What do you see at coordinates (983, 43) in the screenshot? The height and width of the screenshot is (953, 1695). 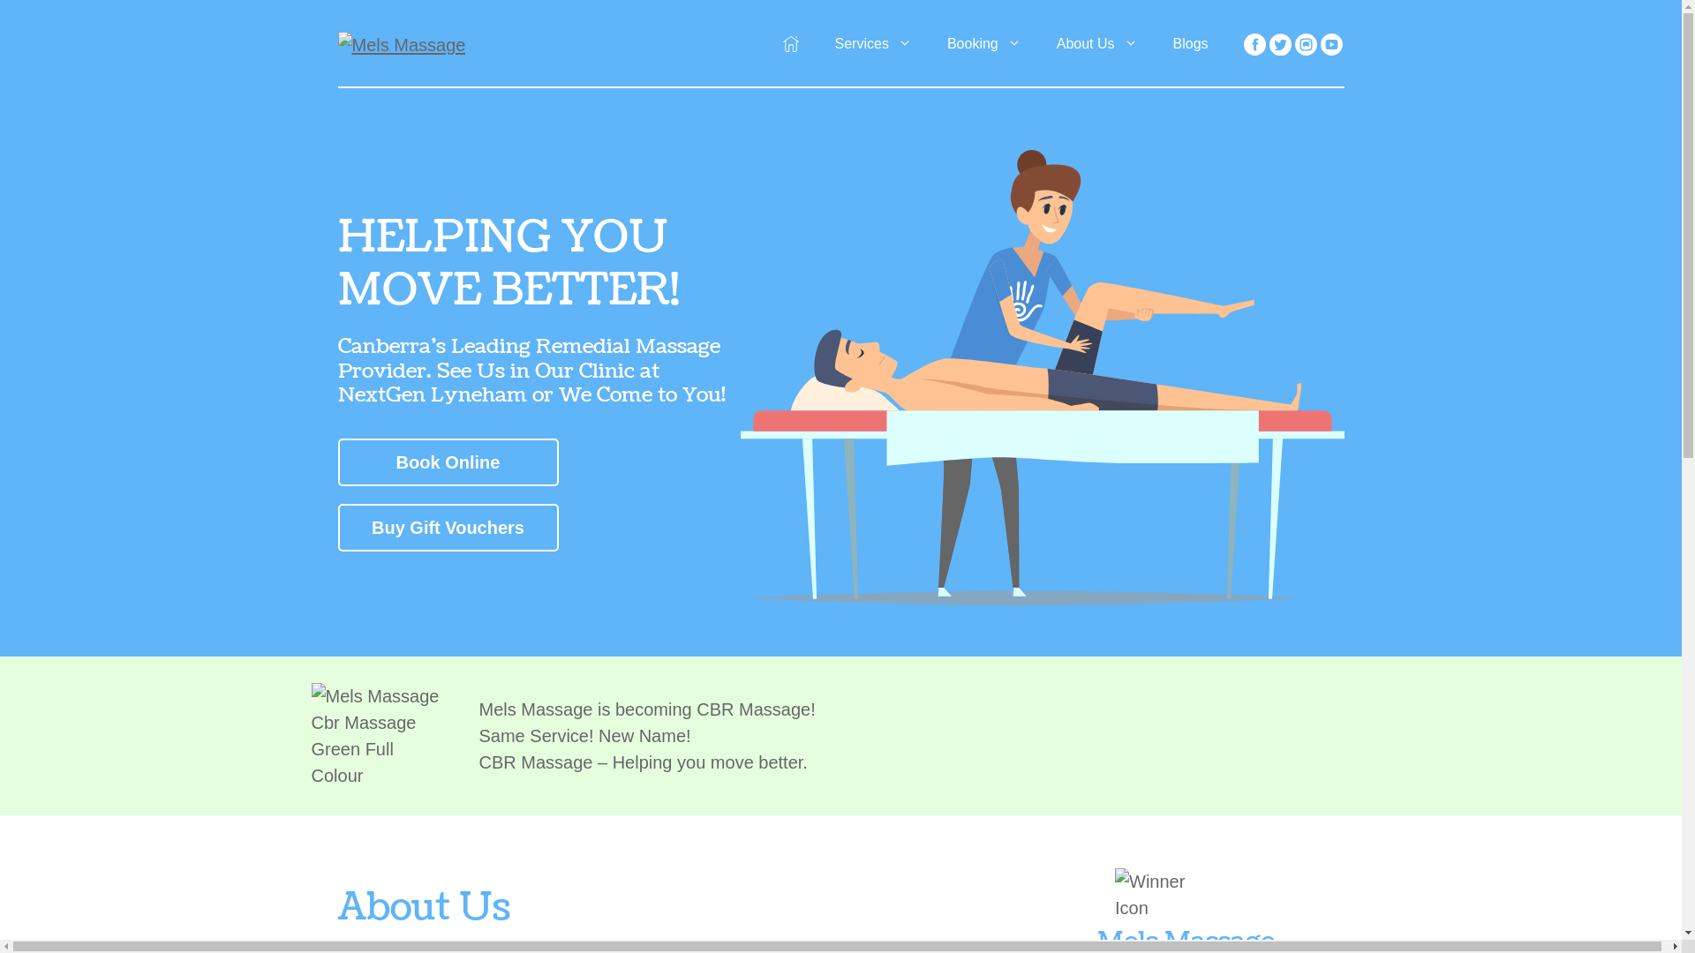 I see `'Booking'` at bounding box center [983, 43].